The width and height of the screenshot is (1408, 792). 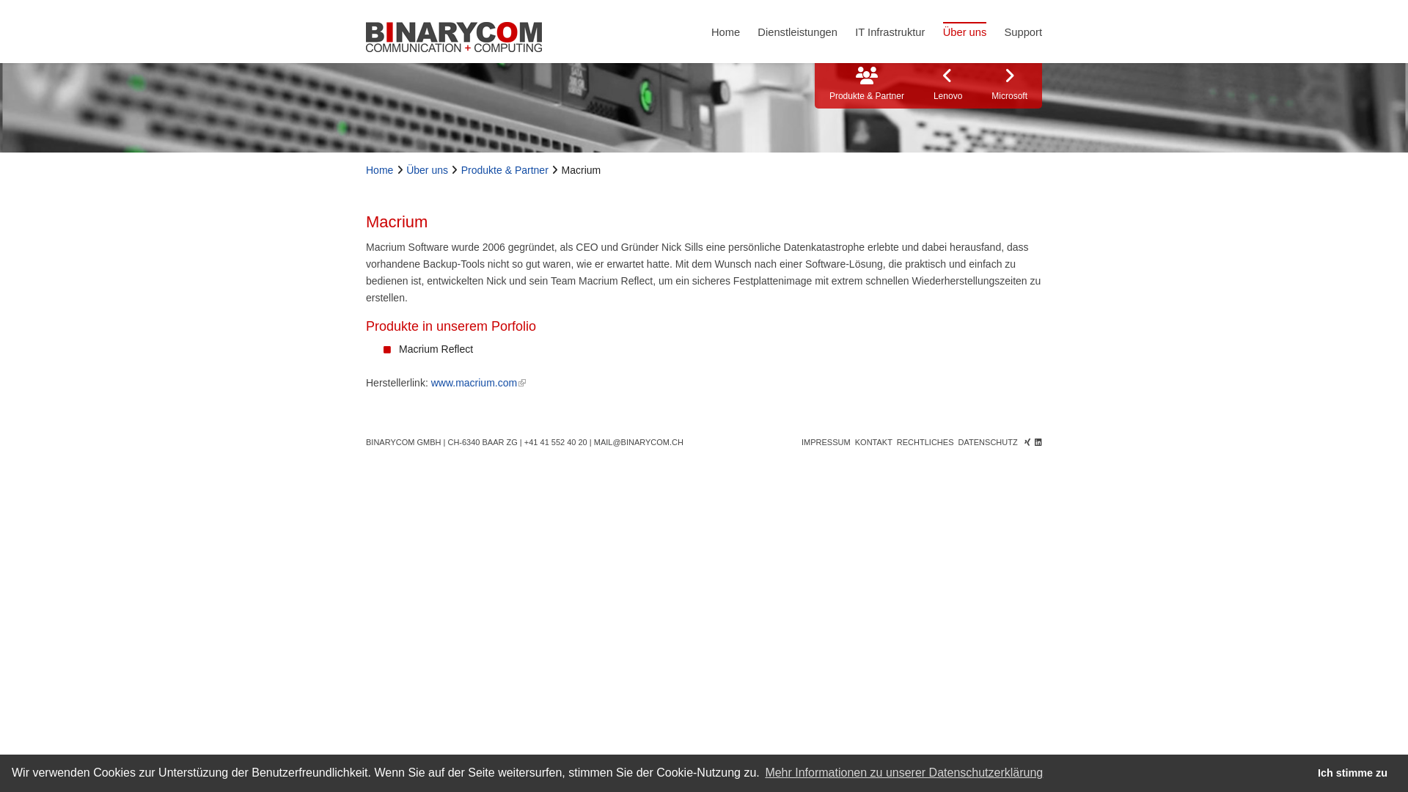 I want to click on '+41 41 552 40 20', so click(x=555, y=441).